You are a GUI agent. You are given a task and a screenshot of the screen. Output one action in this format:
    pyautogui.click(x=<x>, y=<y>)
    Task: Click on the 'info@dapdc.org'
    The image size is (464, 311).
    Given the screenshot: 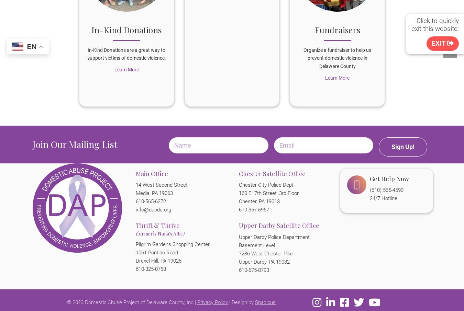 What is the action you would take?
    pyautogui.click(x=136, y=210)
    